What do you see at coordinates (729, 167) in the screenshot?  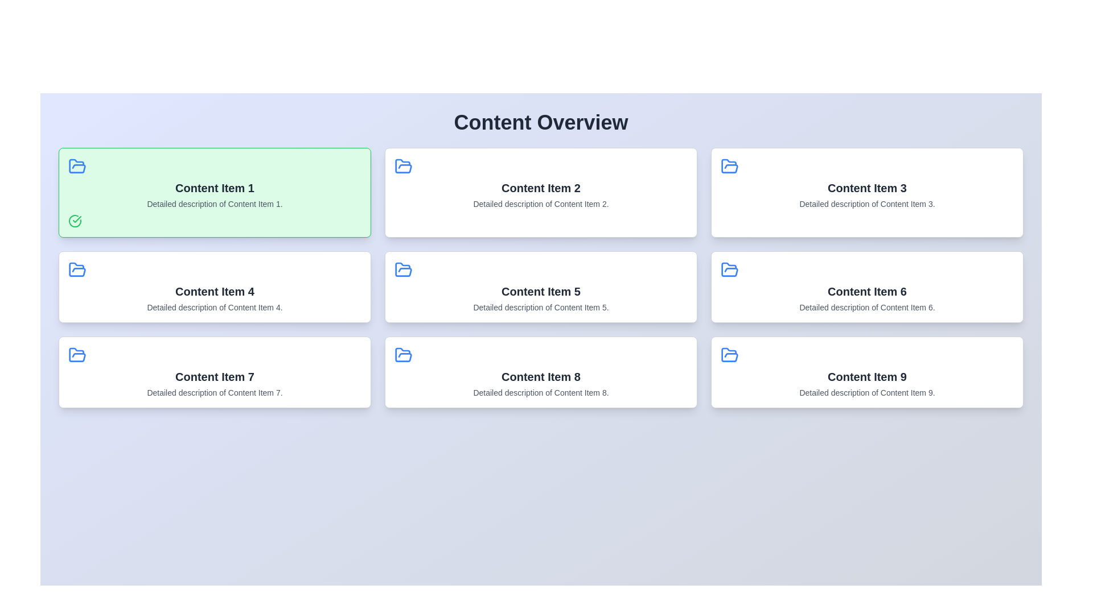 I see `the center of the folder icon located in the top-left corner of the card labeled 'Content Item 3'` at bounding box center [729, 167].